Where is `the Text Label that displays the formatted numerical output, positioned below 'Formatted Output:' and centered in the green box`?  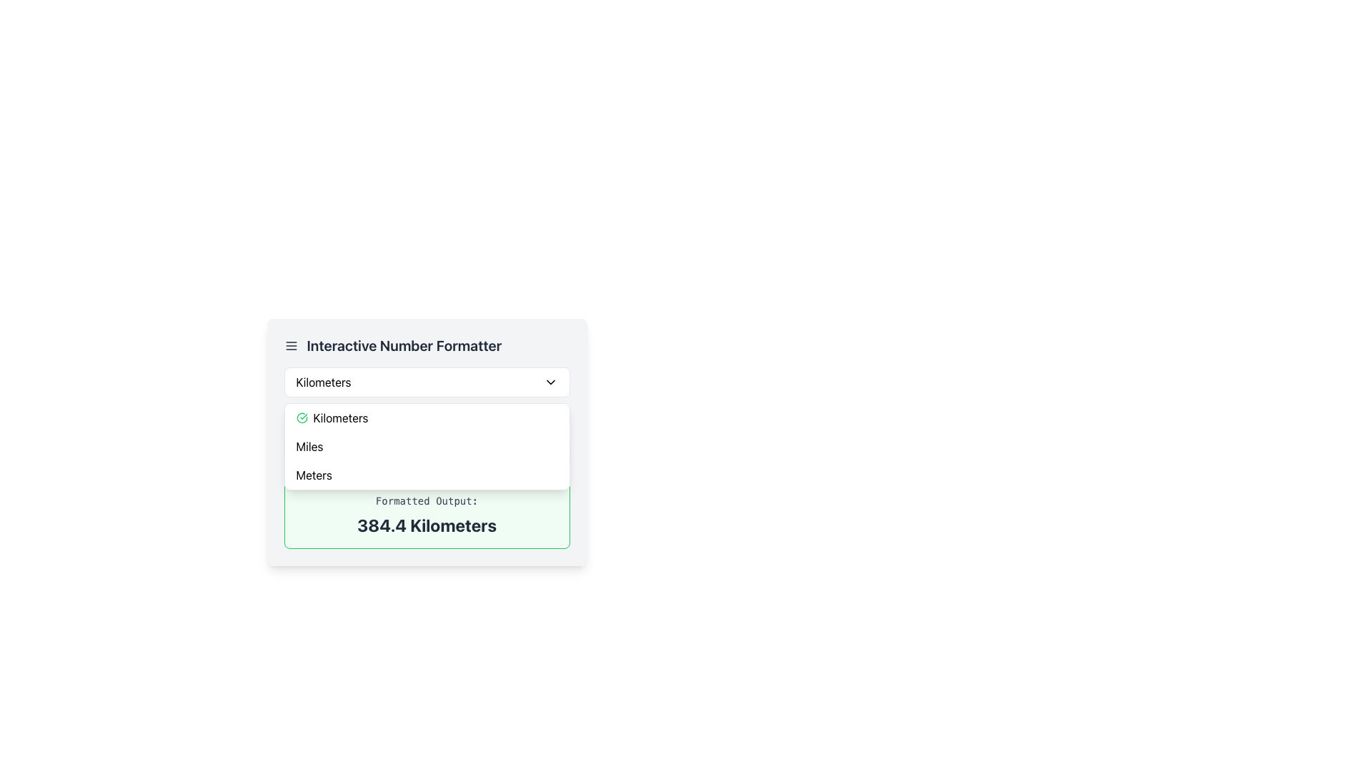 the Text Label that displays the formatted numerical output, positioned below 'Formatted Output:' and centered in the green box is located at coordinates (426, 525).